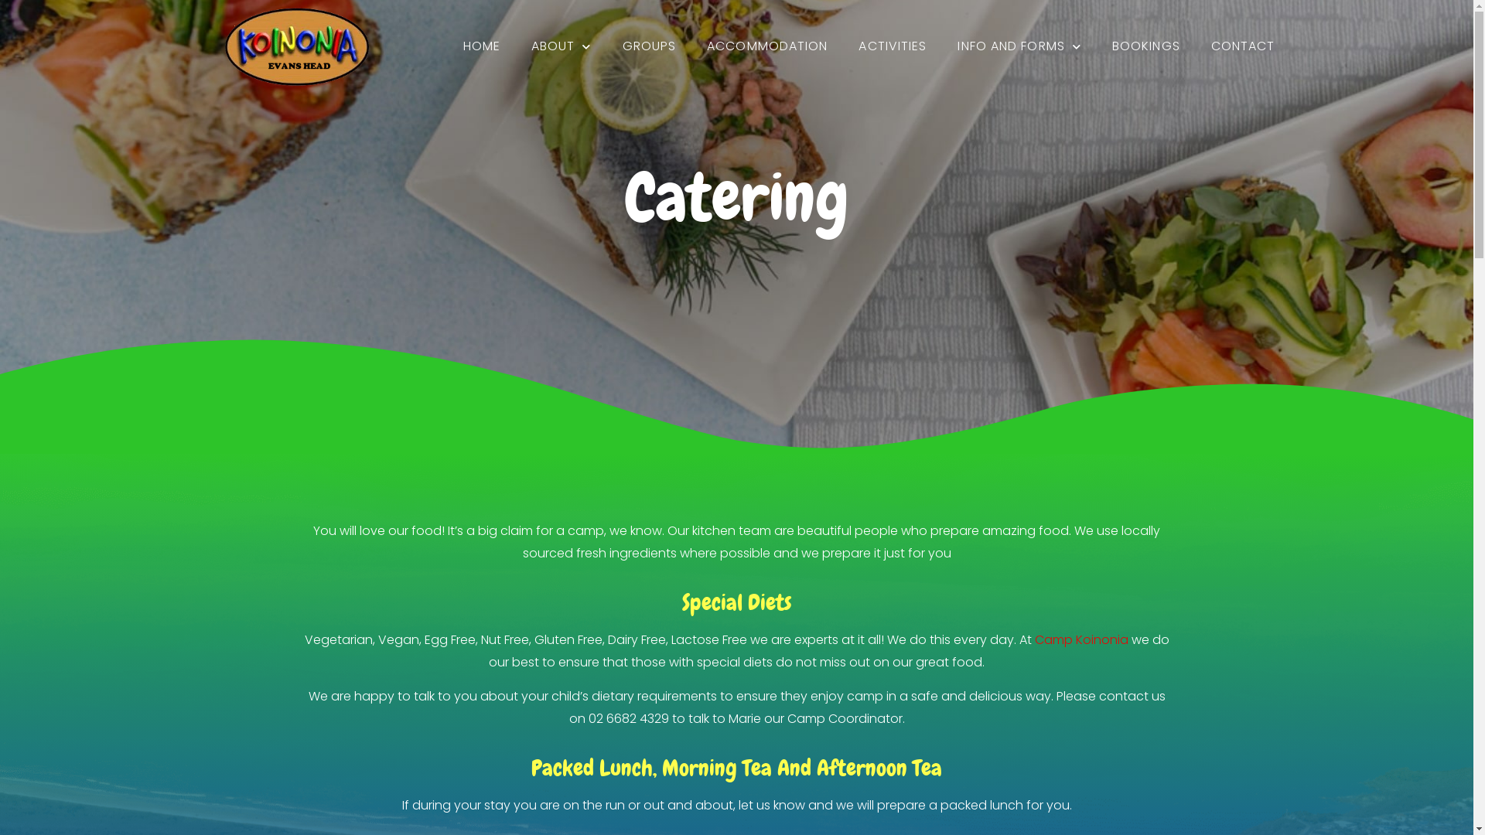  What do you see at coordinates (650, 46) in the screenshot?
I see `'GROUPS'` at bounding box center [650, 46].